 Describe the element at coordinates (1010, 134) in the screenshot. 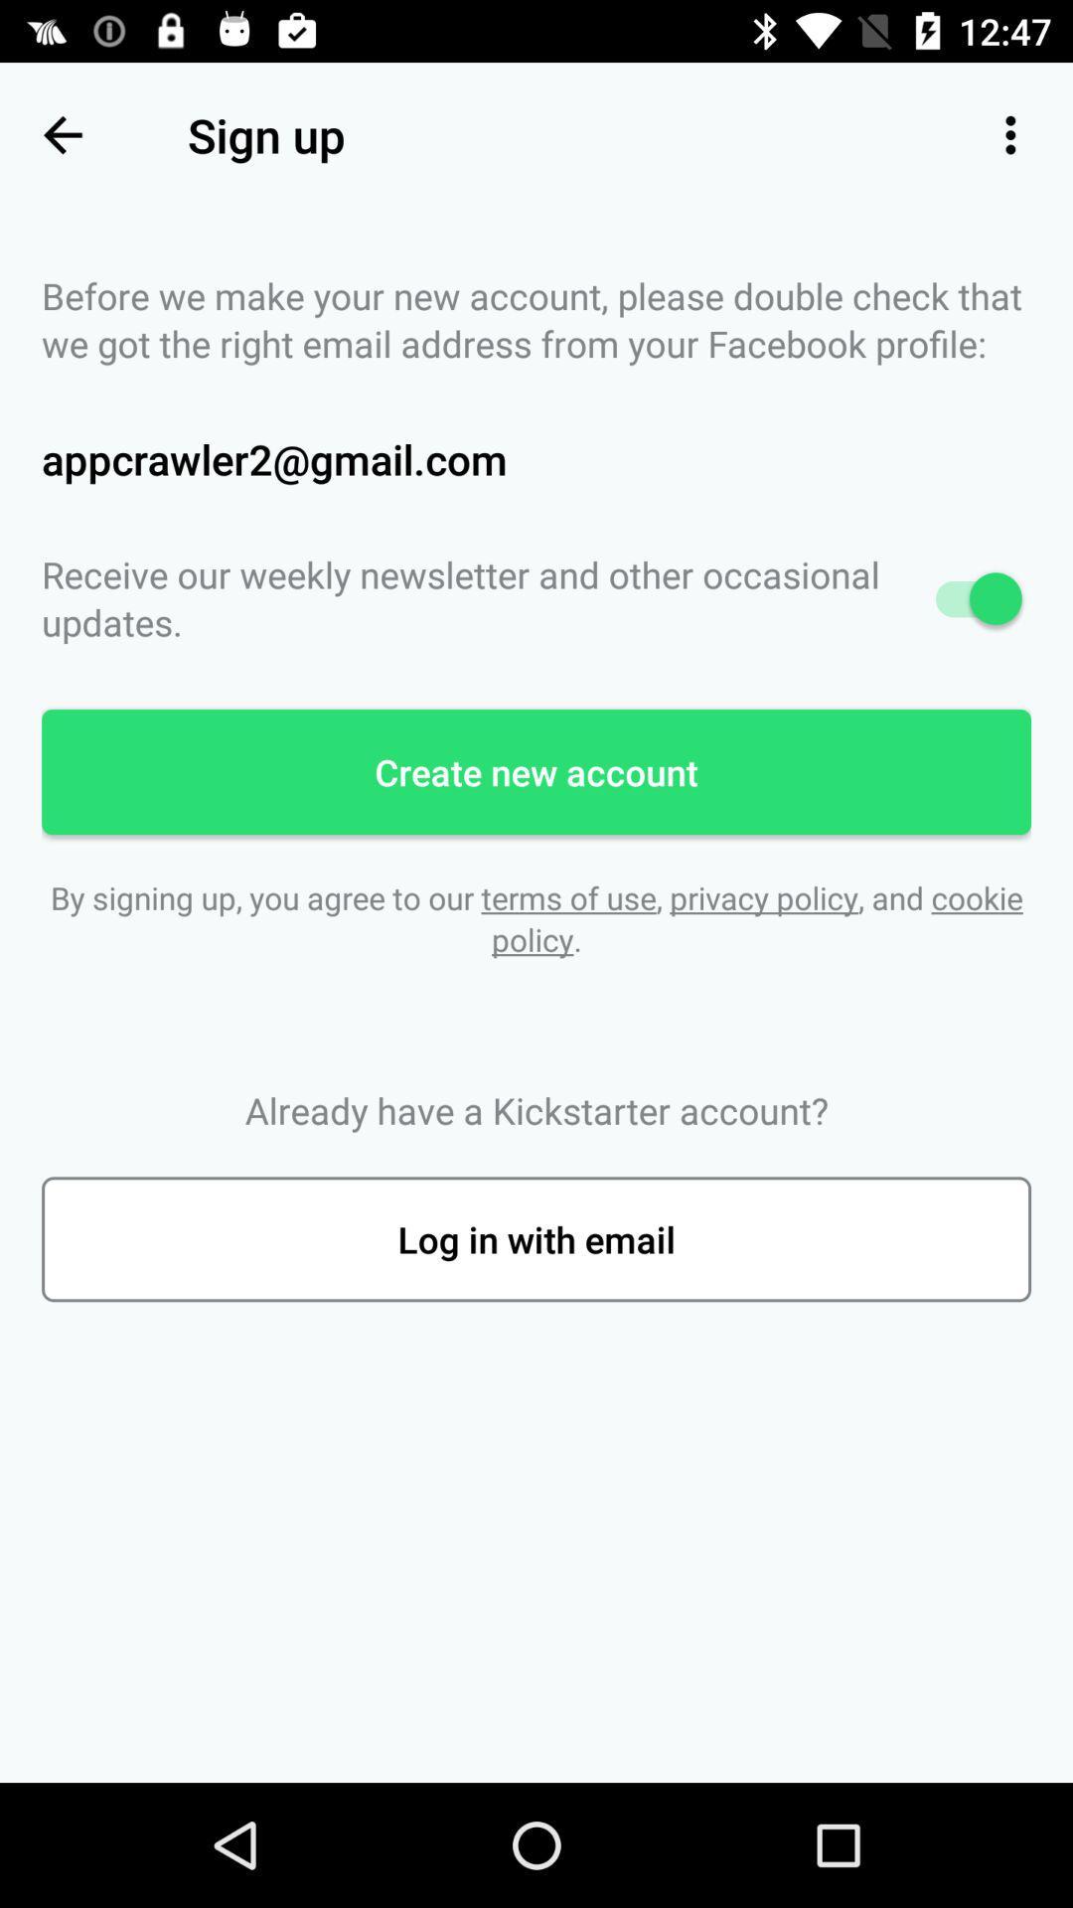

I see `the icon at the top right corner` at that location.